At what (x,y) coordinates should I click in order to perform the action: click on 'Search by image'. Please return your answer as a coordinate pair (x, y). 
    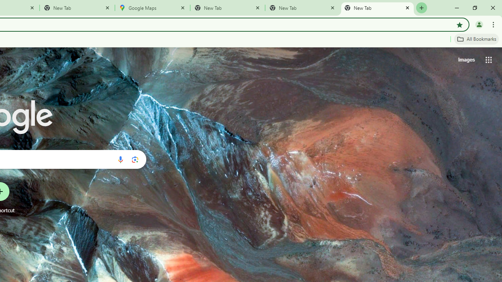
    Looking at the image, I should click on (135, 159).